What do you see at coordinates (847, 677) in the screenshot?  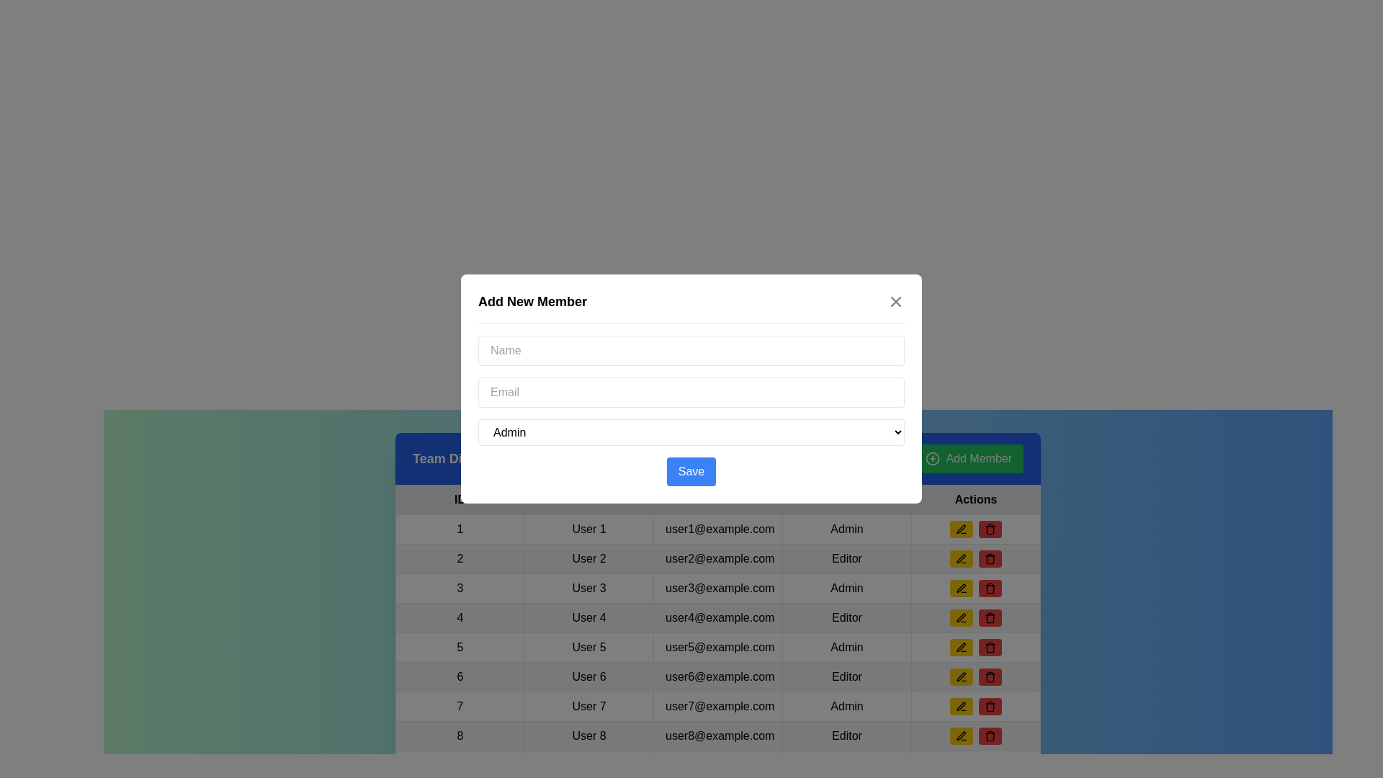 I see `the static text element 'Editor' located in the 'Role' column of the sixth row in the table, which is positioned between the 'Email' column and the 'Actions' column` at bounding box center [847, 677].